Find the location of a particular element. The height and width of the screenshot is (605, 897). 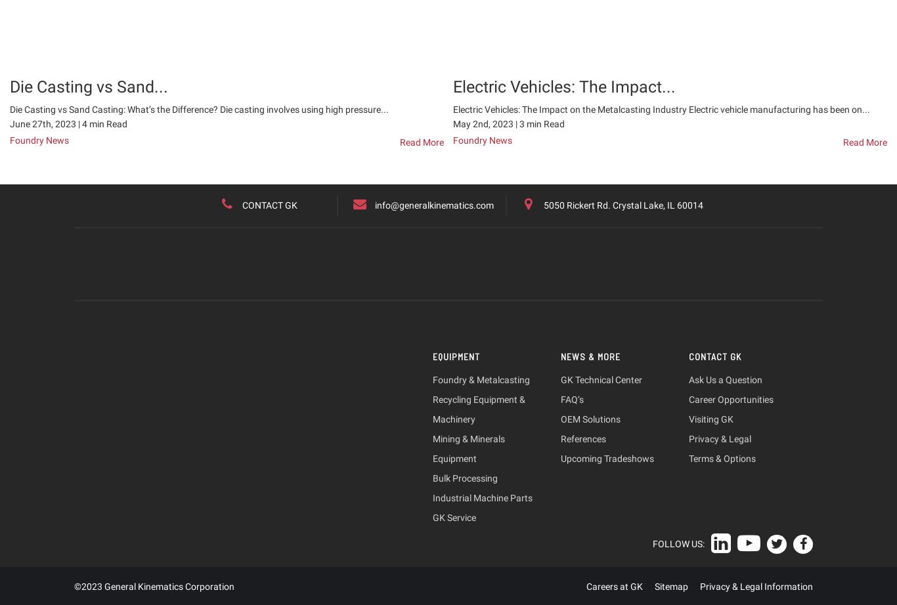

'June 27th, 2023 |' is located at coordinates (45, 123).